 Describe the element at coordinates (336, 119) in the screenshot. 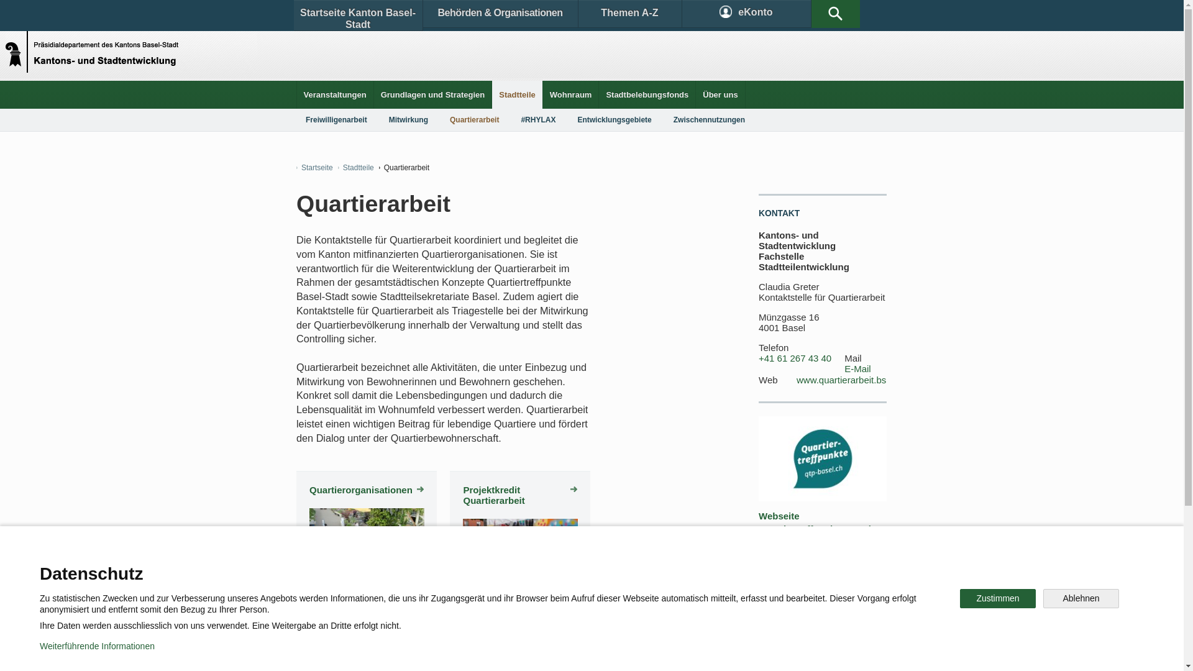

I see `'Freiwilligenarbeit'` at that location.